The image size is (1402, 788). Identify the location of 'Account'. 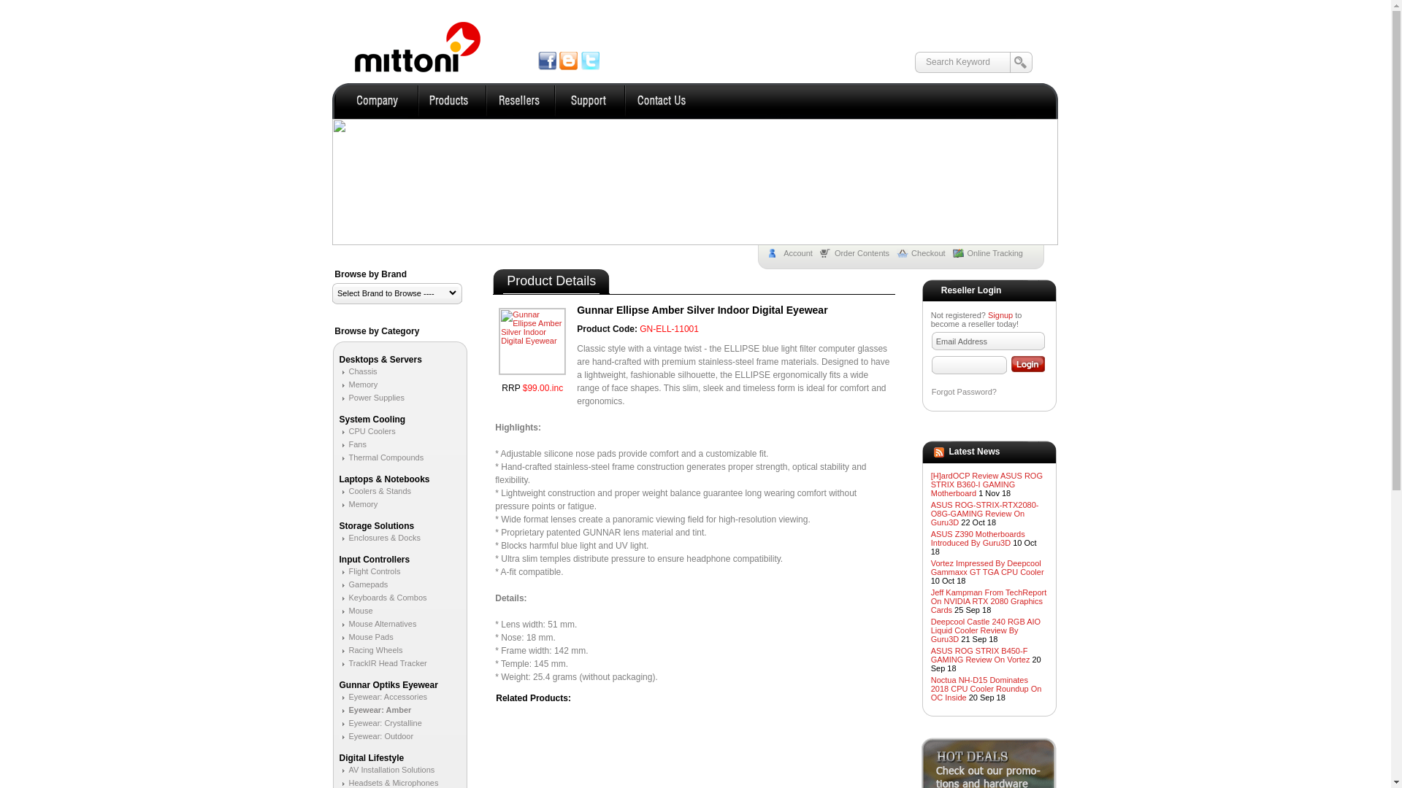
(794, 252).